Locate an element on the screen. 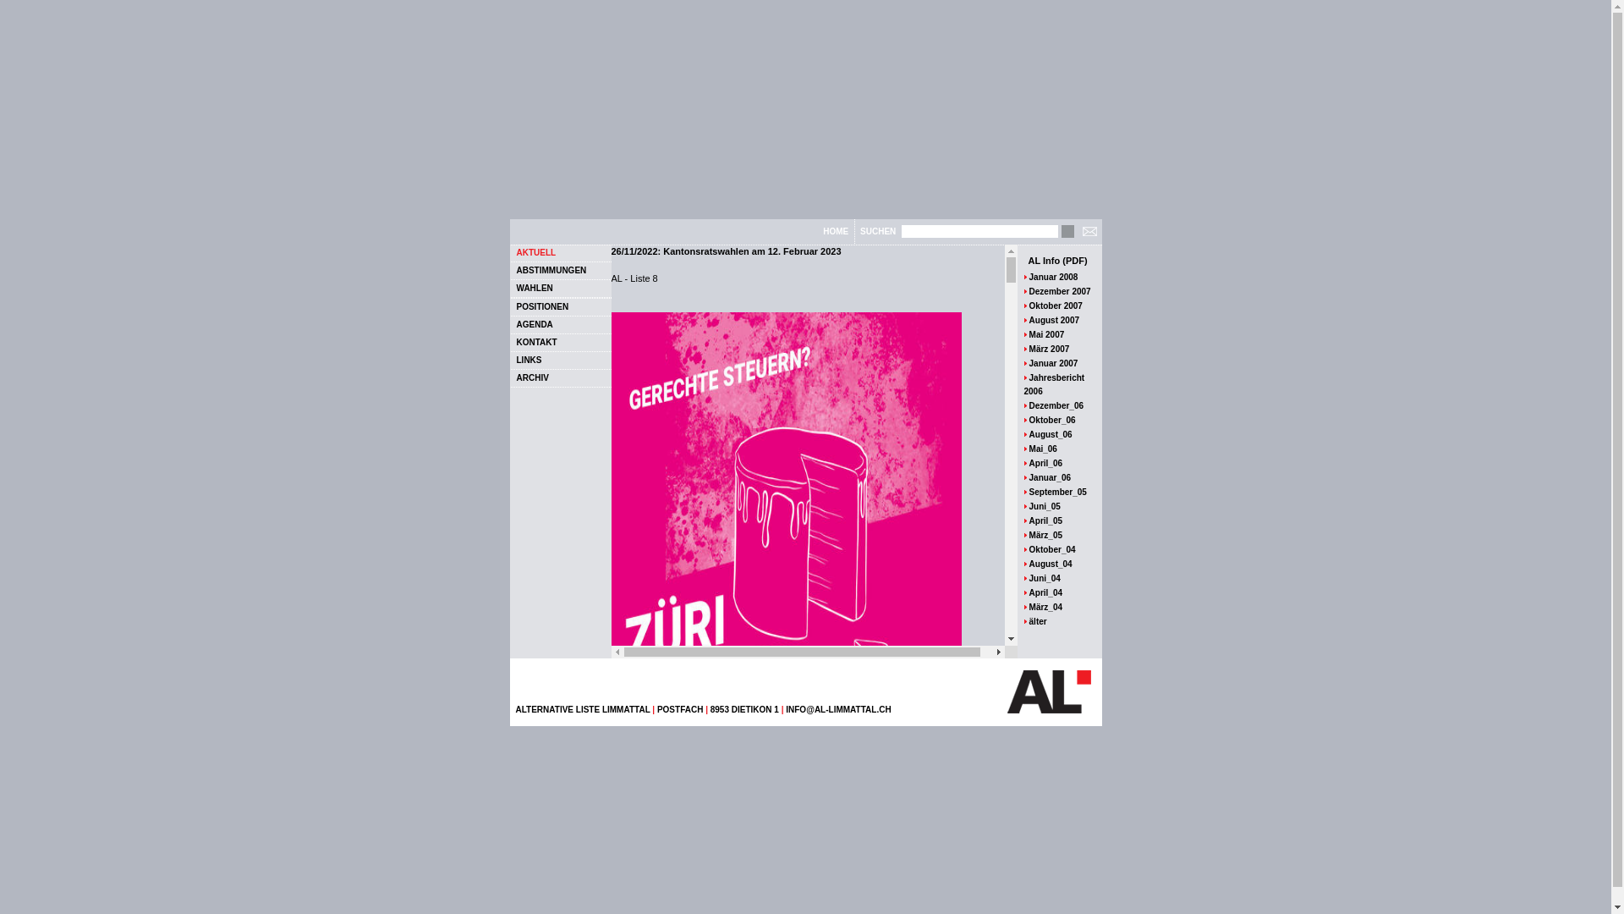 This screenshot has width=1624, height=914. 'September_05' is located at coordinates (1029, 492).